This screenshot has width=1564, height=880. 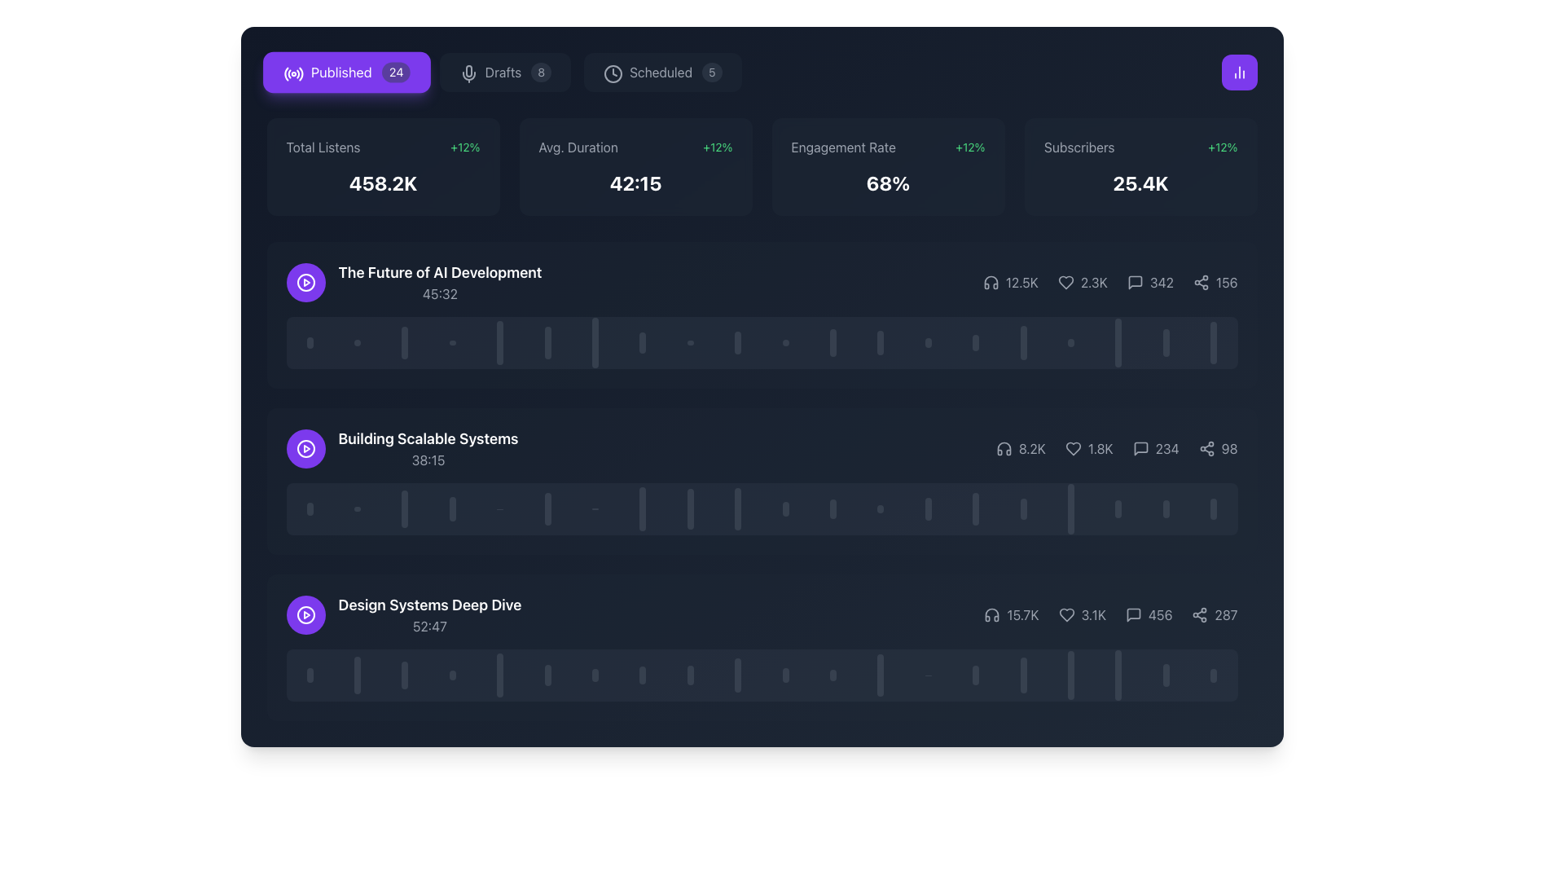 I want to click on the thin vertical gray bar with rounded ends, which is the third bar from the left in the group associated with 'The Future of AI Development', so click(x=405, y=341).